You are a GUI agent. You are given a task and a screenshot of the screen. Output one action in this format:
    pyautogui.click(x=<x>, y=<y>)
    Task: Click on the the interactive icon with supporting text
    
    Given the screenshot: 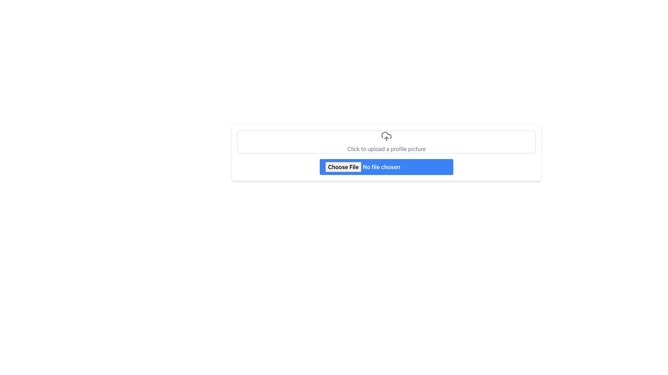 What is the action you would take?
    pyautogui.click(x=386, y=141)
    